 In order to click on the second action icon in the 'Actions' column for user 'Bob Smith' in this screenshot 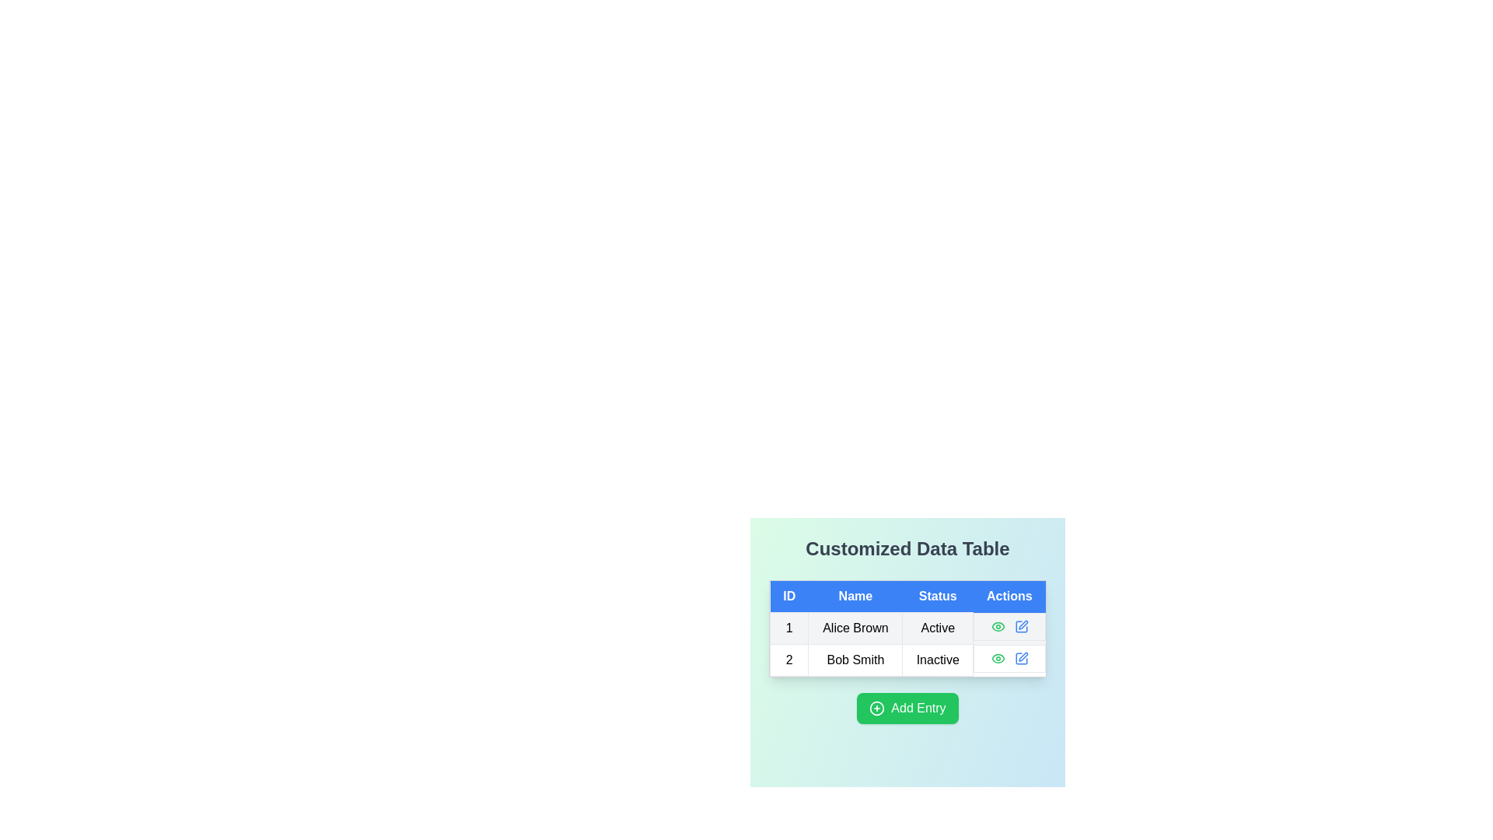, I will do `click(1023, 624)`.